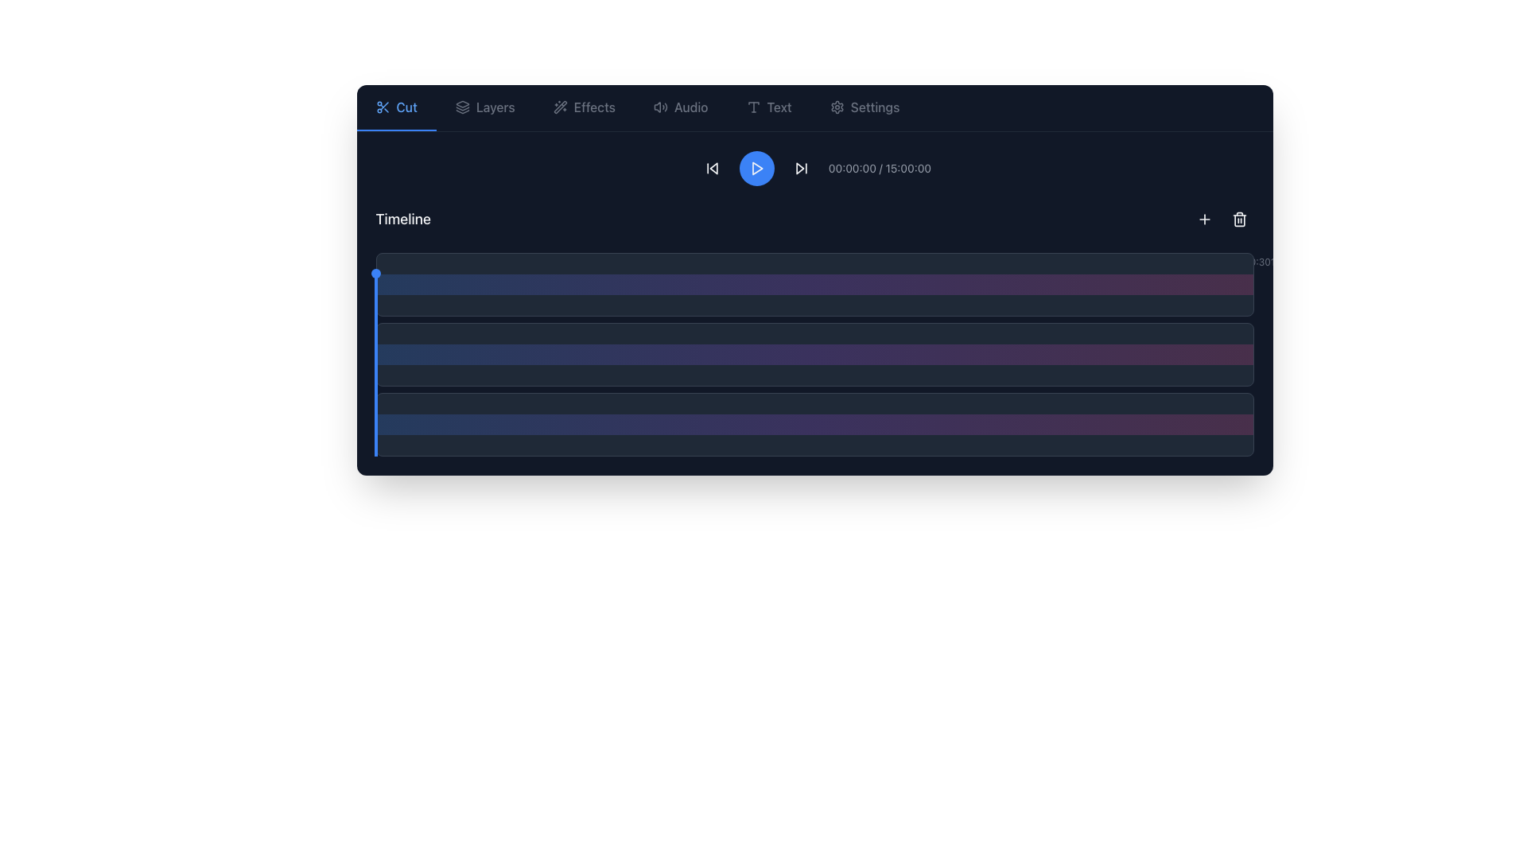 This screenshot has width=1527, height=859. What do you see at coordinates (879, 169) in the screenshot?
I see `the text display field that shows the current playback time and total duration of the media file for accessibility navigation` at bounding box center [879, 169].